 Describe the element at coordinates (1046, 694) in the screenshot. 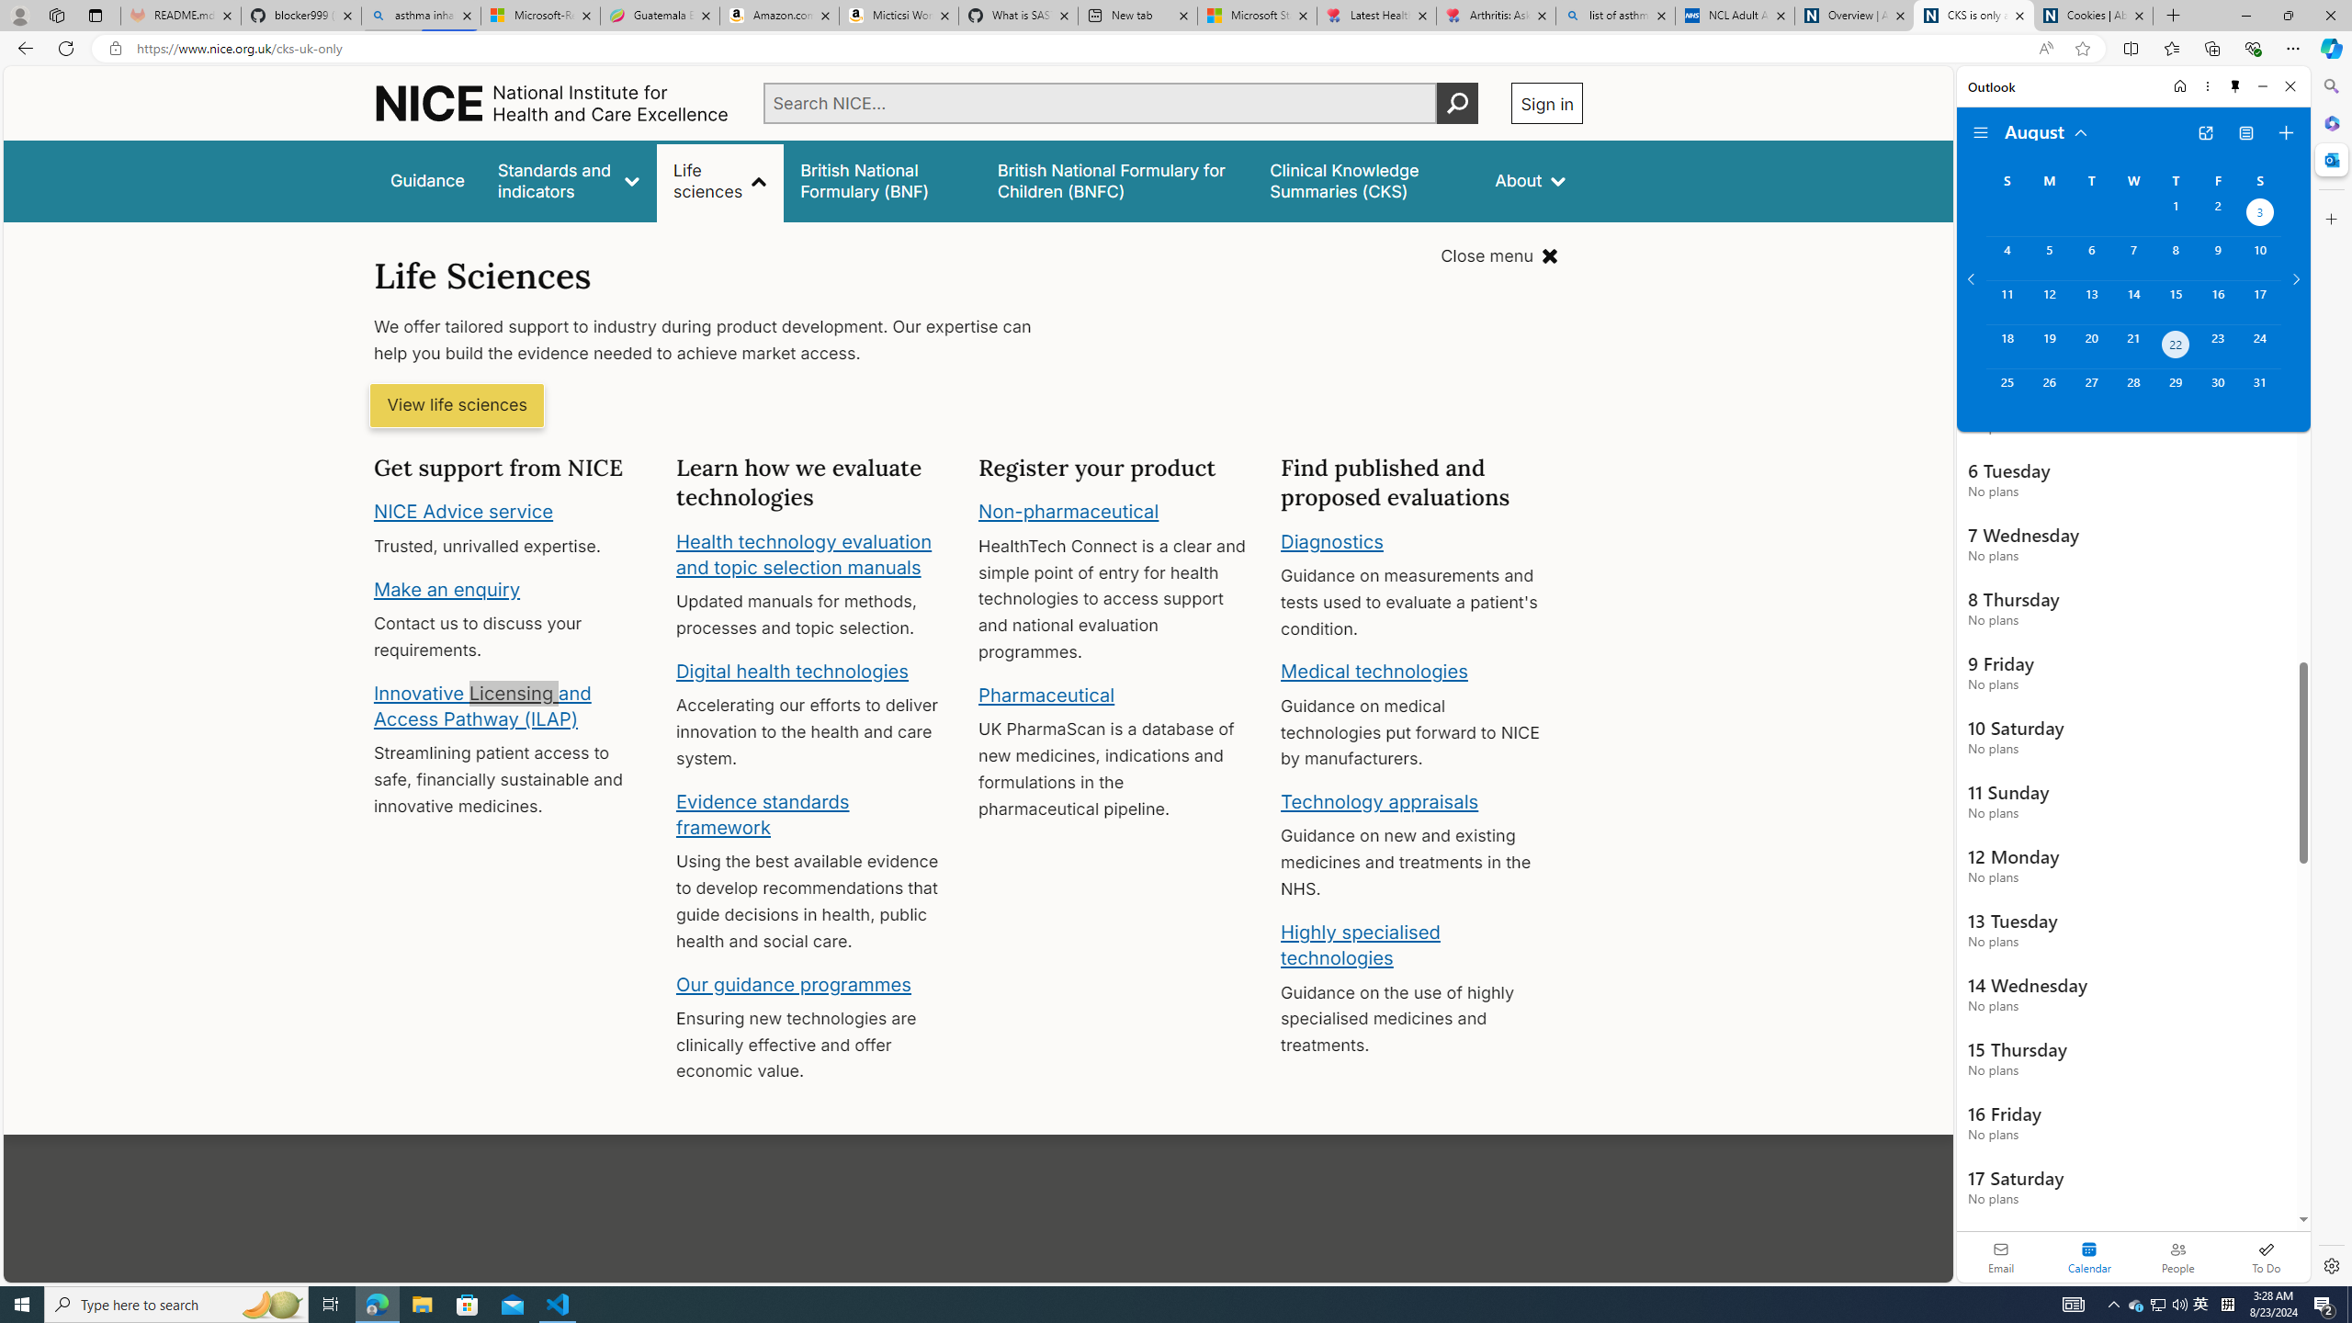

I see `'Pharmaceutical'` at that location.